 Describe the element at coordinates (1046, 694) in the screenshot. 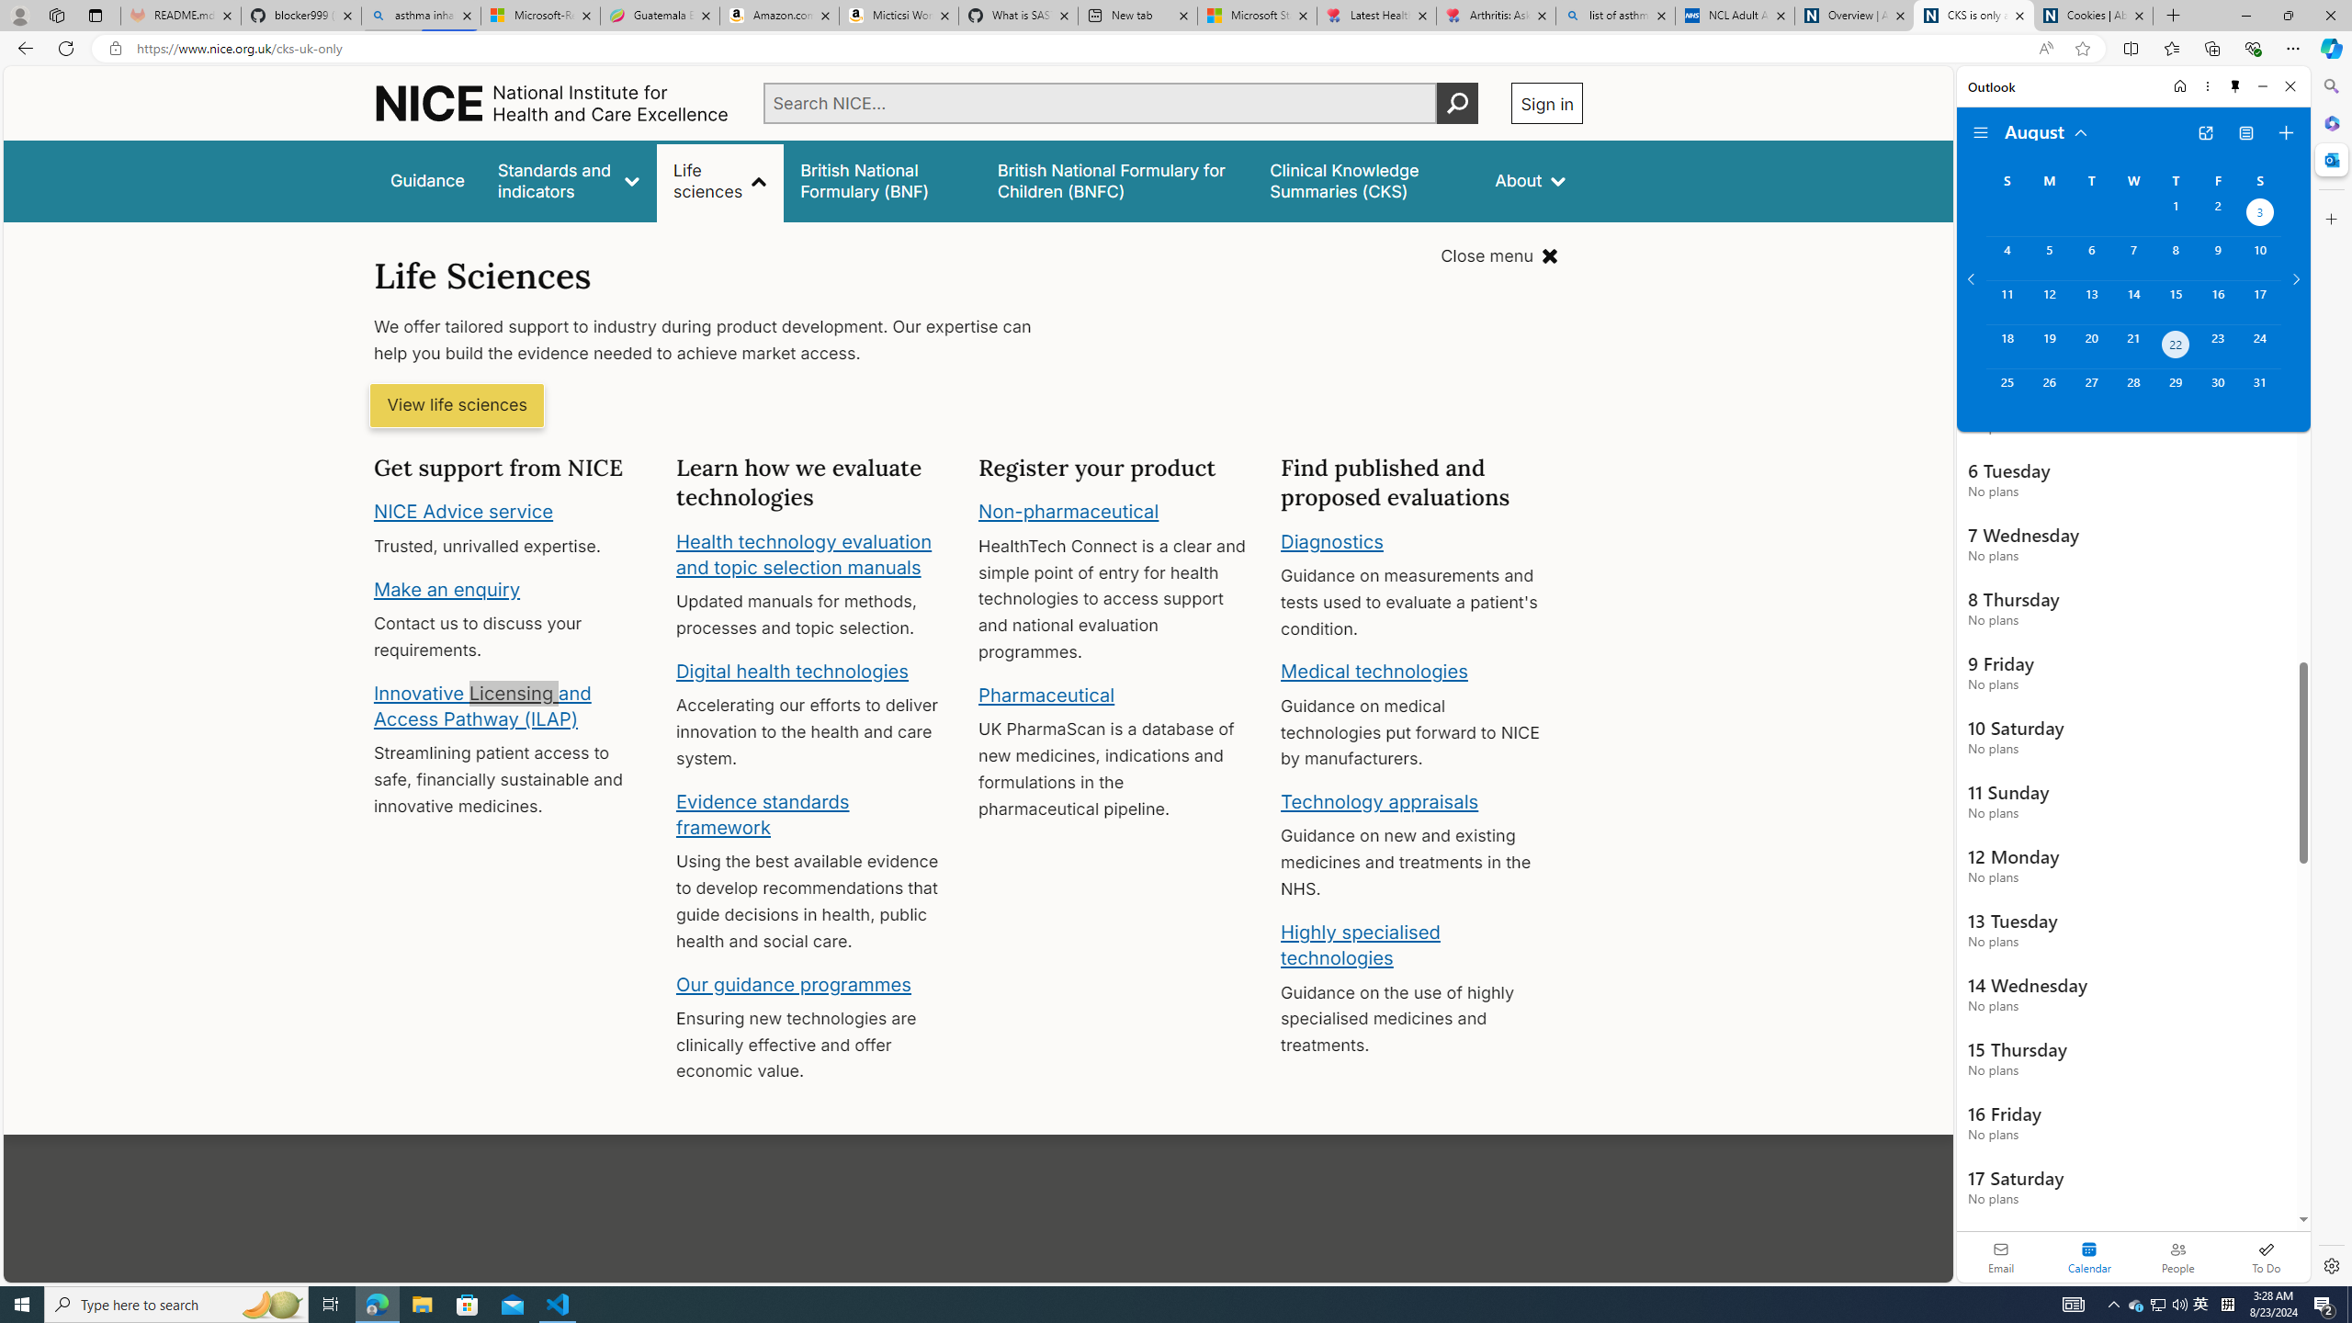

I see `'Pharmaceutical'` at that location.